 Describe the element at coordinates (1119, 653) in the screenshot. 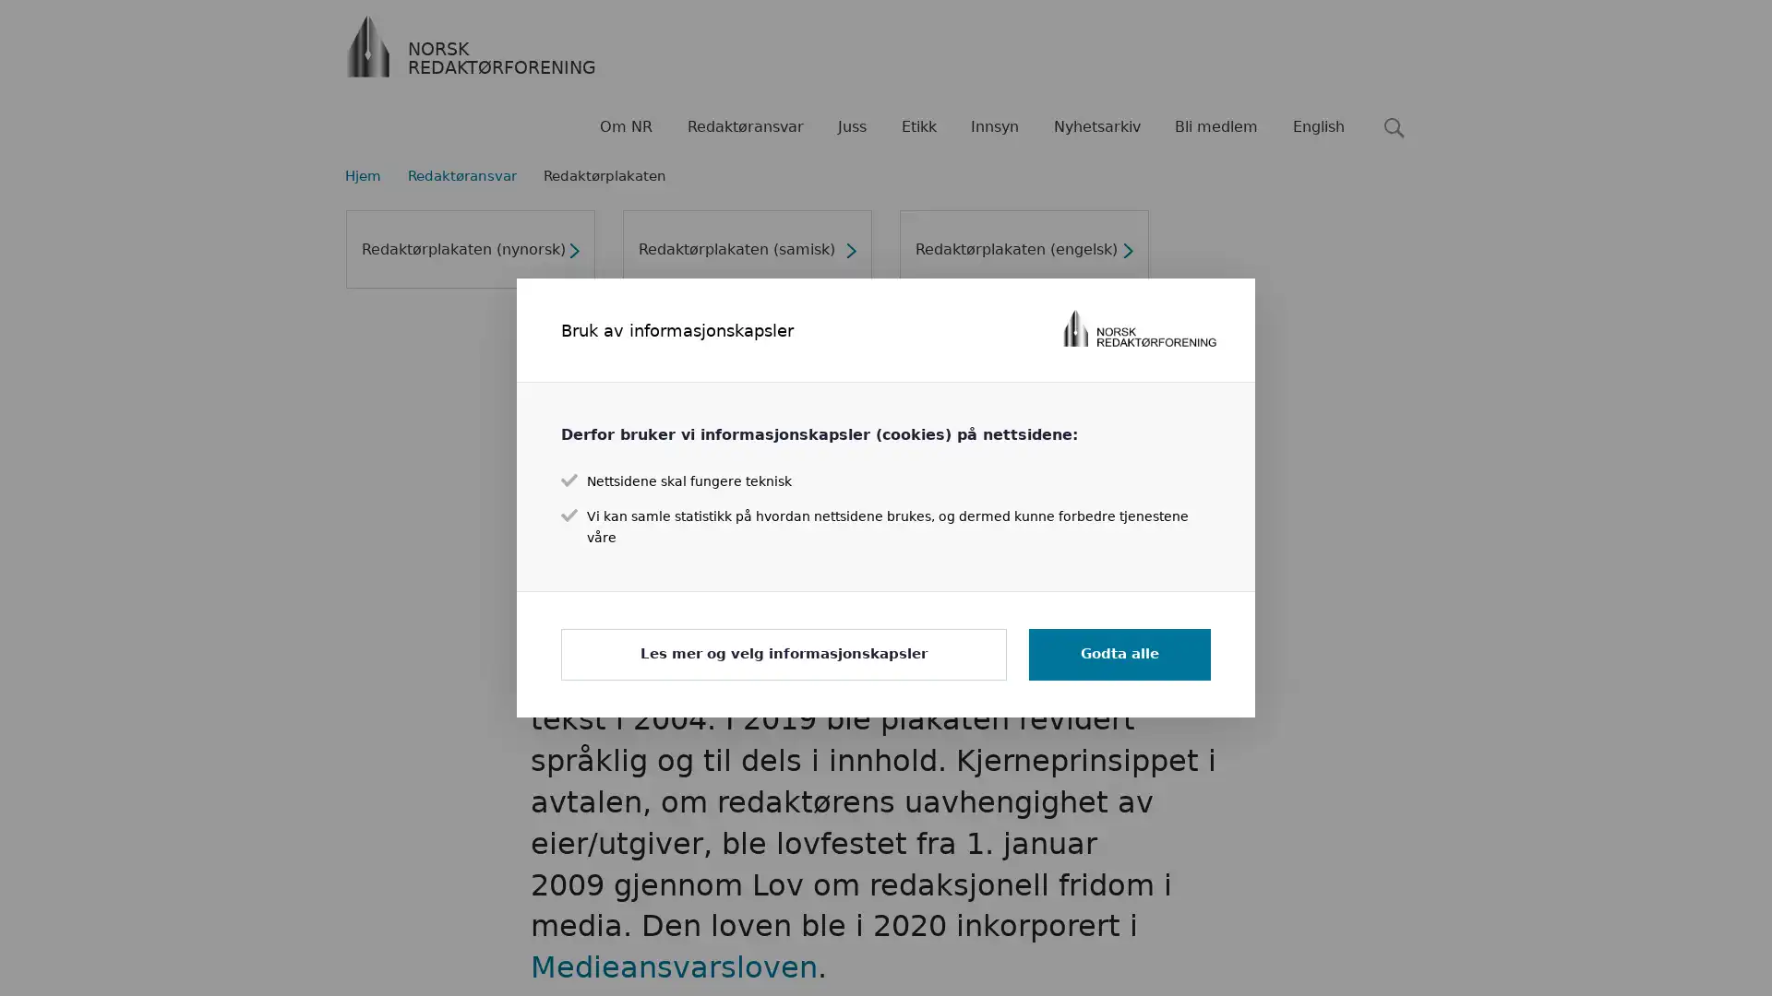

I see `Godta alle` at that location.